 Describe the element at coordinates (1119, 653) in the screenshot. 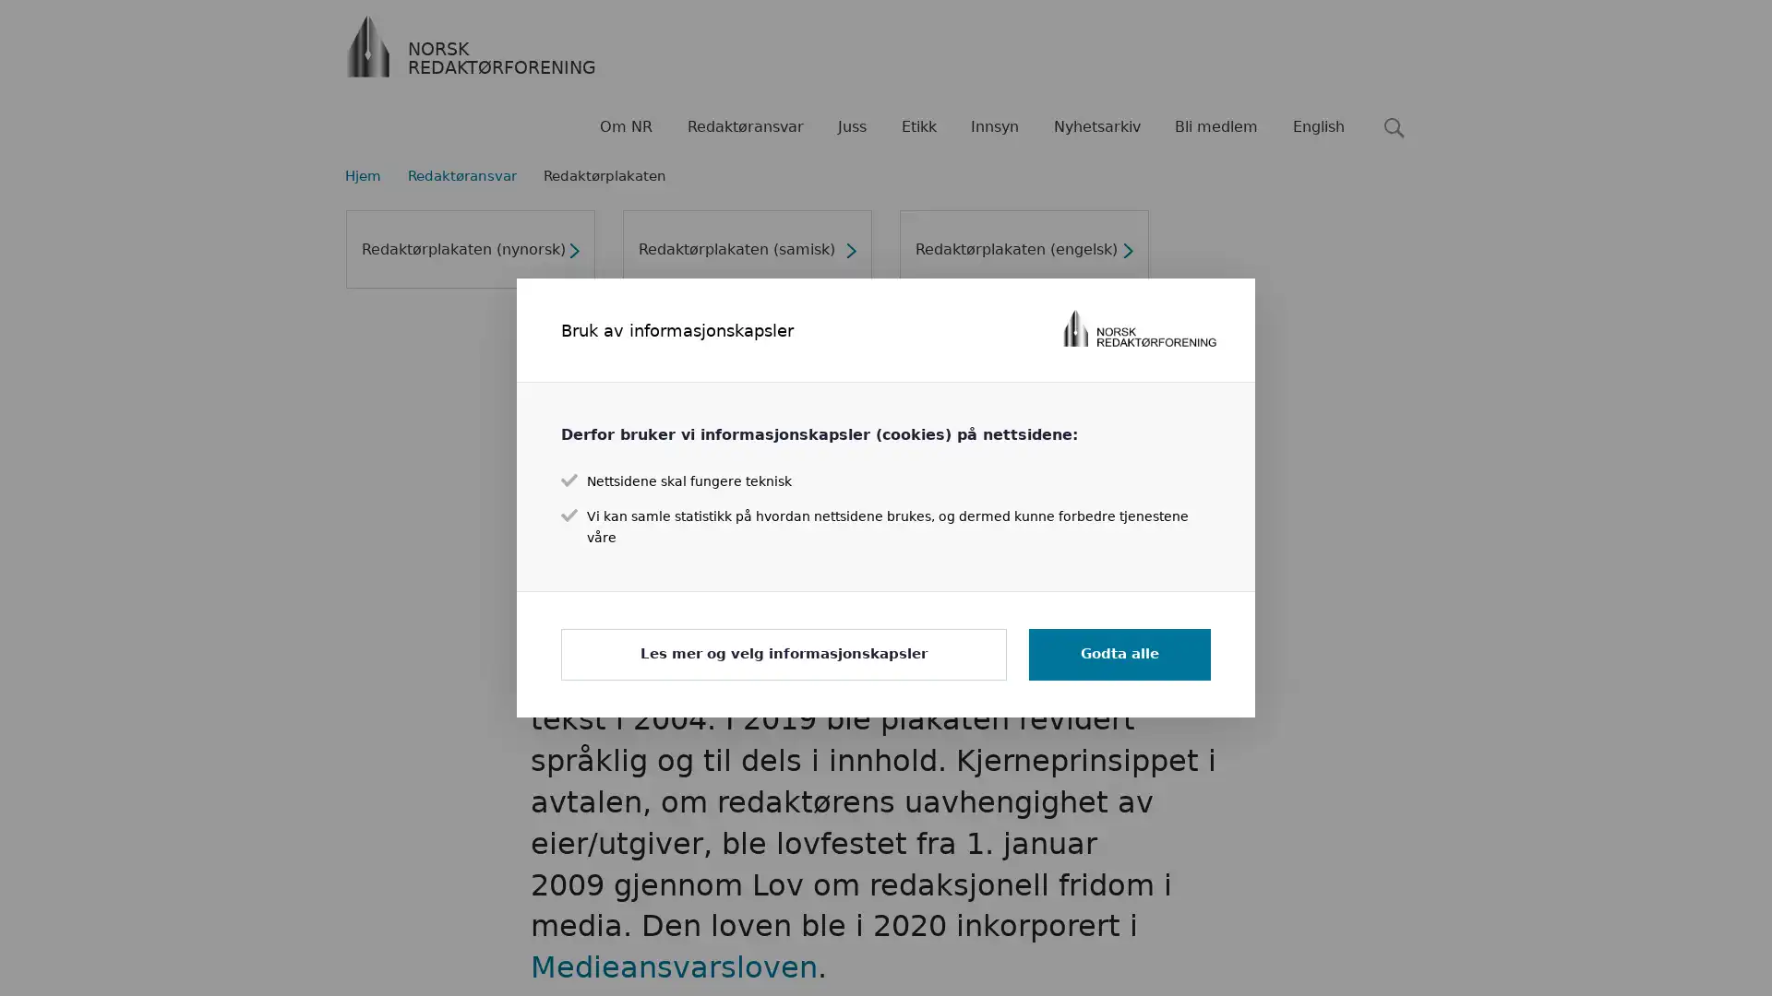

I see `Godta alle` at that location.